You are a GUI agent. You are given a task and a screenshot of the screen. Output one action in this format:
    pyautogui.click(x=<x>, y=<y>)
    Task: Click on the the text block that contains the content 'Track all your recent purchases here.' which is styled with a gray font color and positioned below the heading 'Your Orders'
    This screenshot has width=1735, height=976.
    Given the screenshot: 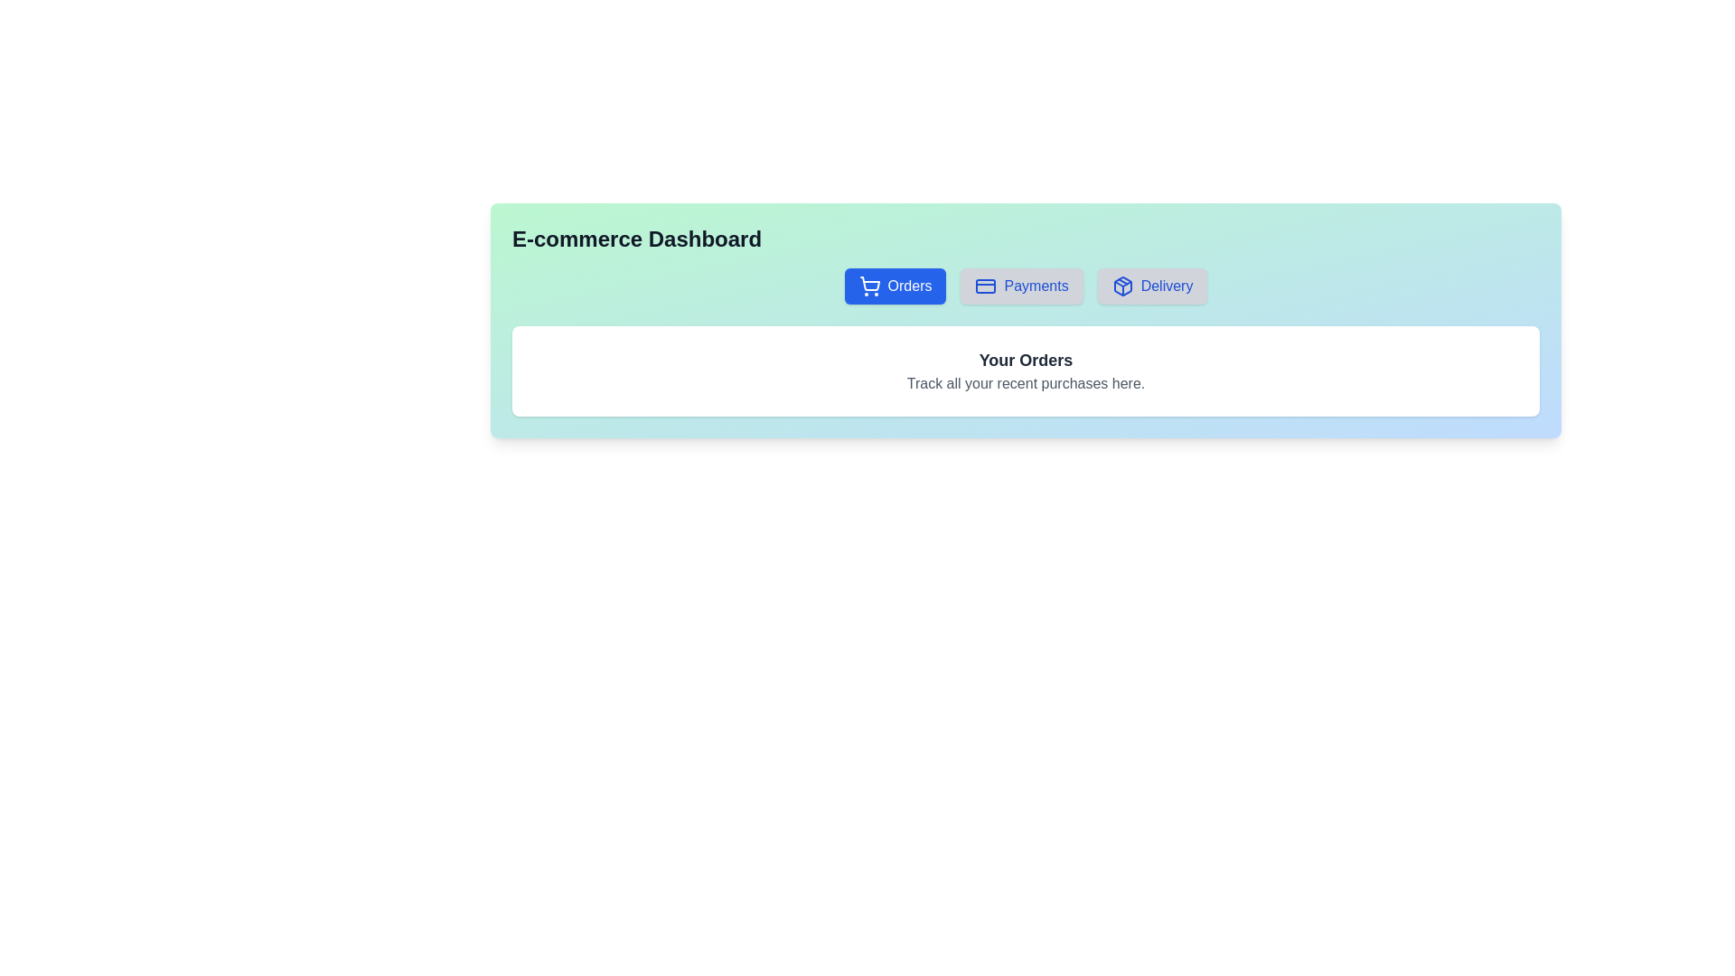 What is the action you would take?
    pyautogui.click(x=1026, y=382)
    